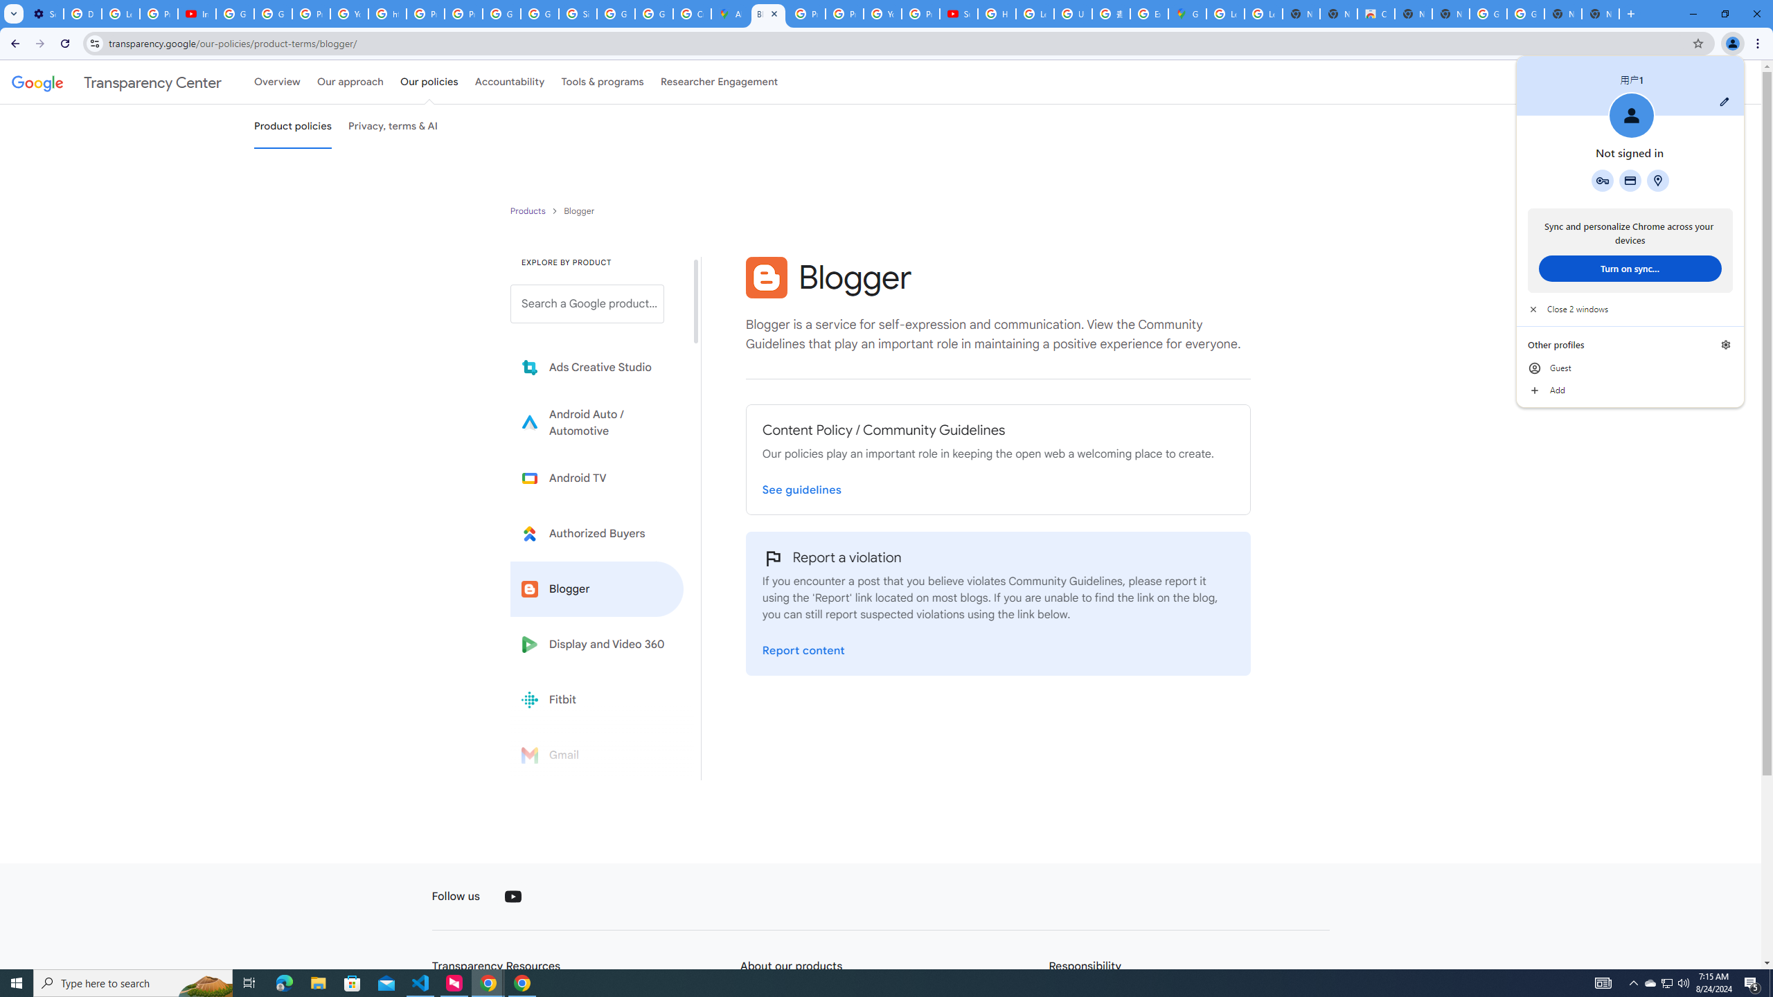  I want to click on 'Q2790: 100%', so click(1682, 982).